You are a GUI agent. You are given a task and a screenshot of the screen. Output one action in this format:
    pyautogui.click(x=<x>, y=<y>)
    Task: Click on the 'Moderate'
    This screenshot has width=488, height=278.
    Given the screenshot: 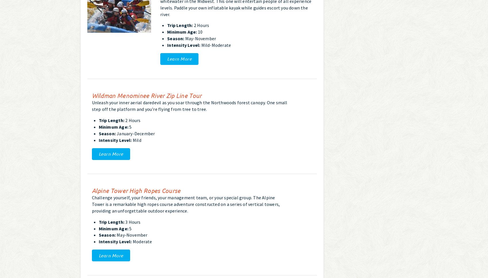 What is the action you would take?
    pyautogui.click(x=141, y=241)
    